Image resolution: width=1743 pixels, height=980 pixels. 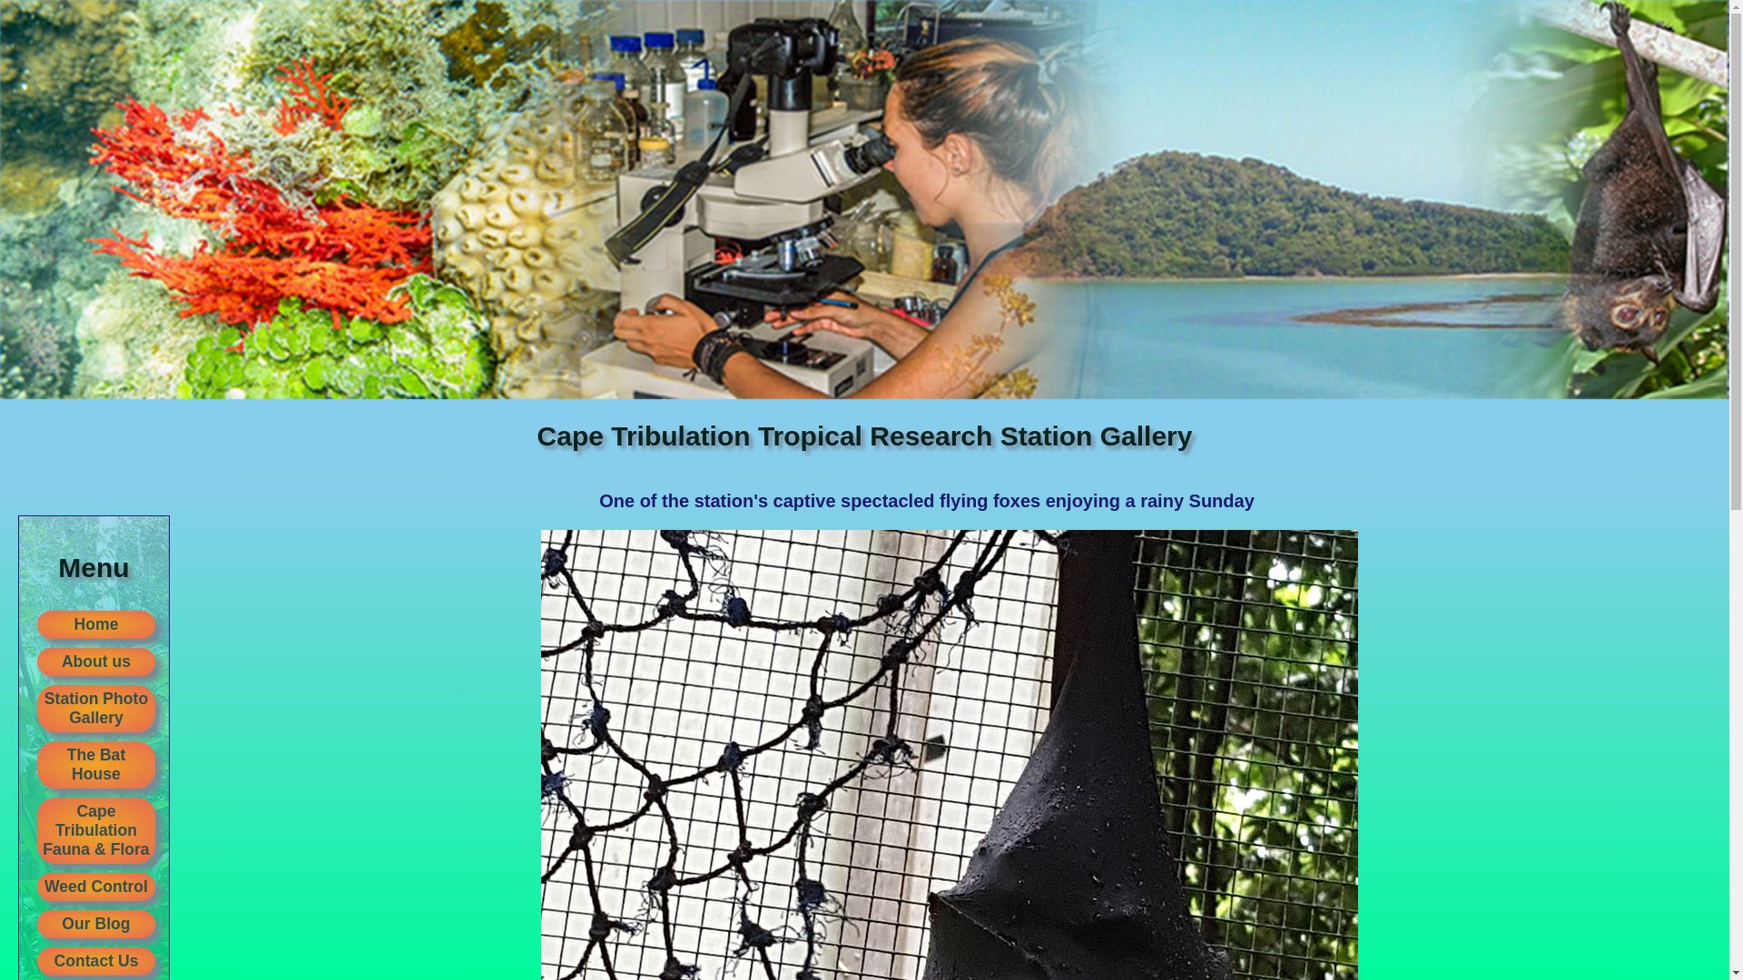 I want to click on 'About us', so click(x=94, y=661).